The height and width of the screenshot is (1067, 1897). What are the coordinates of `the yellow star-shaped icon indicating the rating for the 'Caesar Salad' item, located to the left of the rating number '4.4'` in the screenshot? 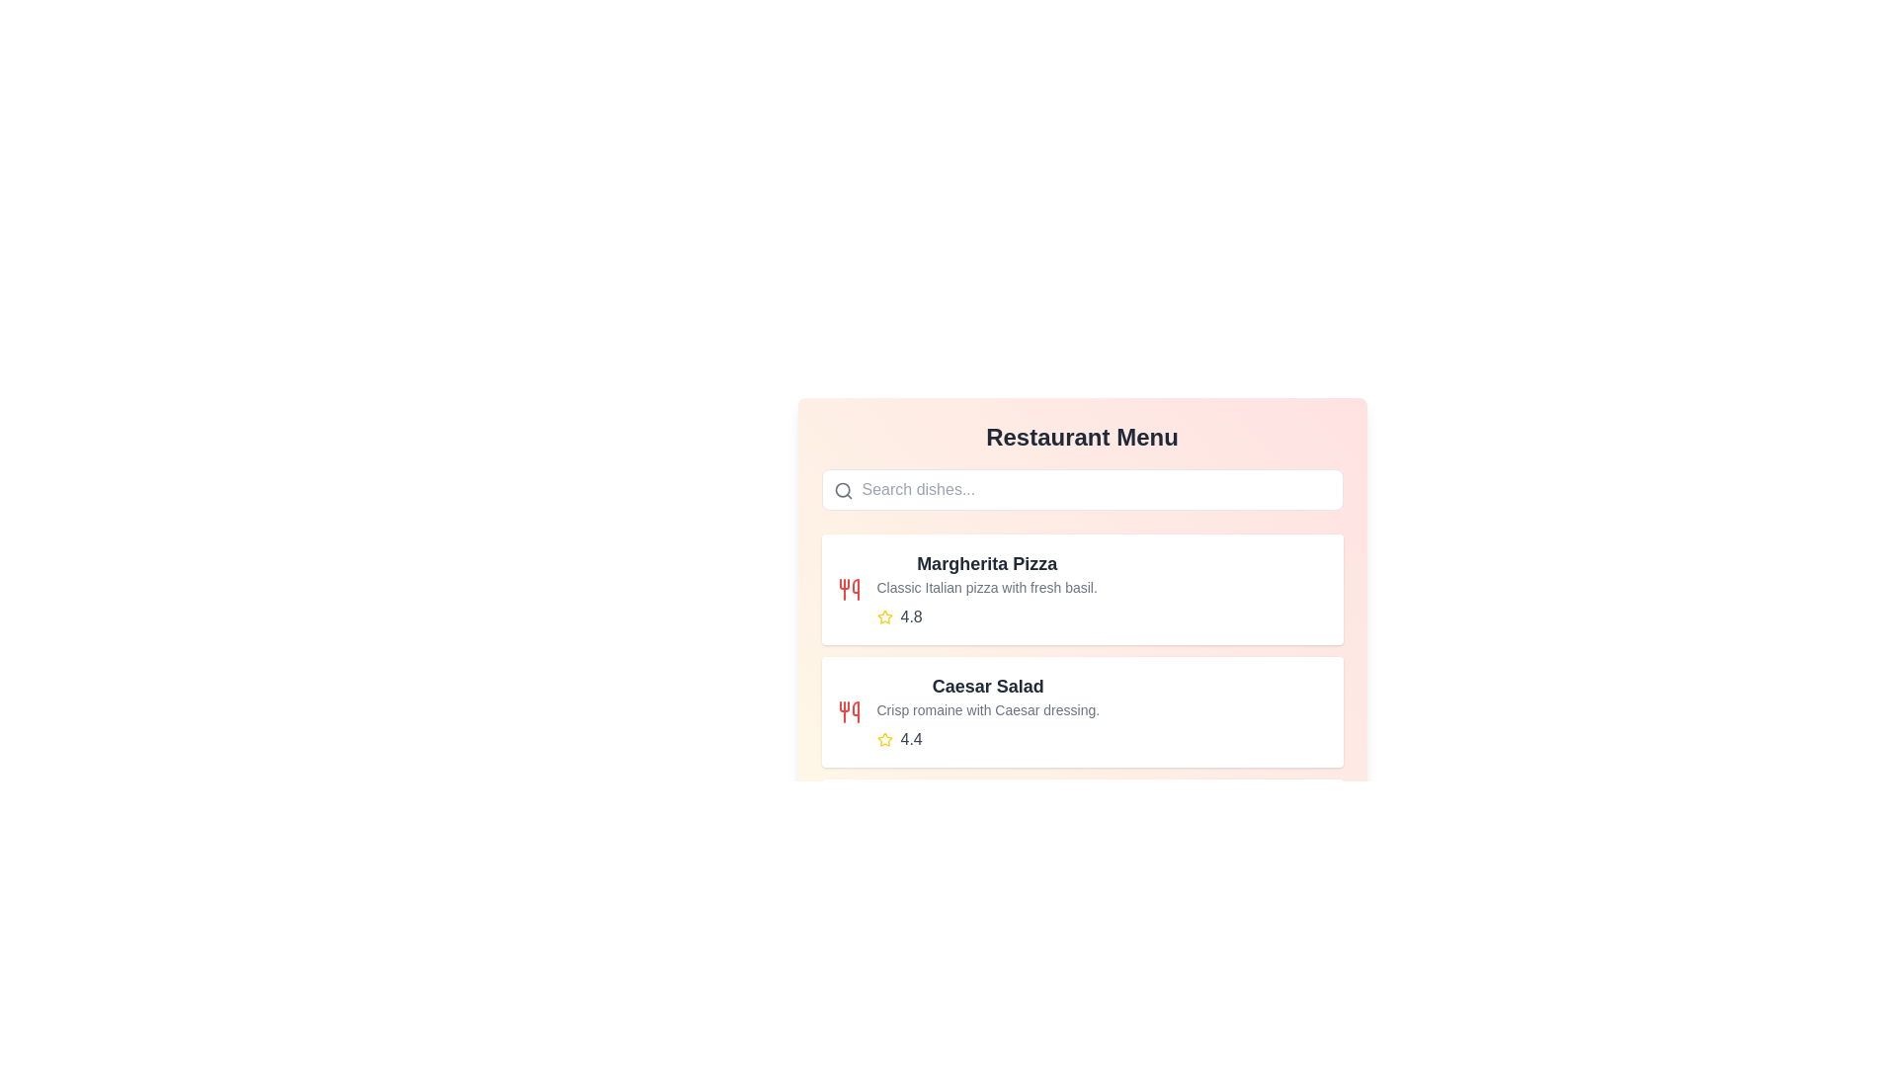 It's located at (883, 739).